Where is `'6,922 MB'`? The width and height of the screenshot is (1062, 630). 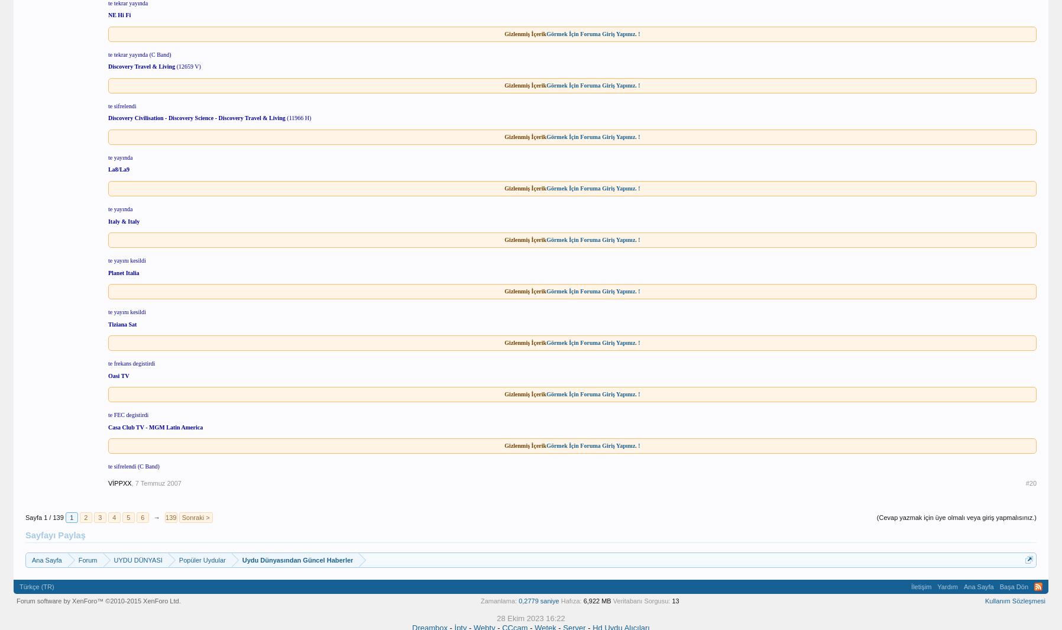
'6,922 MB' is located at coordinates (596, 600).